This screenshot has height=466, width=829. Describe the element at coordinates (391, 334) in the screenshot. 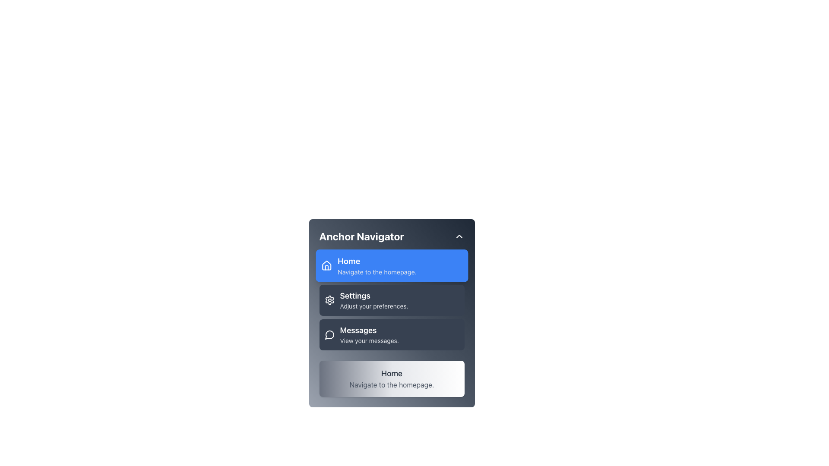

I see `the 'Messages' button in the vertical navigation menu` at that location.